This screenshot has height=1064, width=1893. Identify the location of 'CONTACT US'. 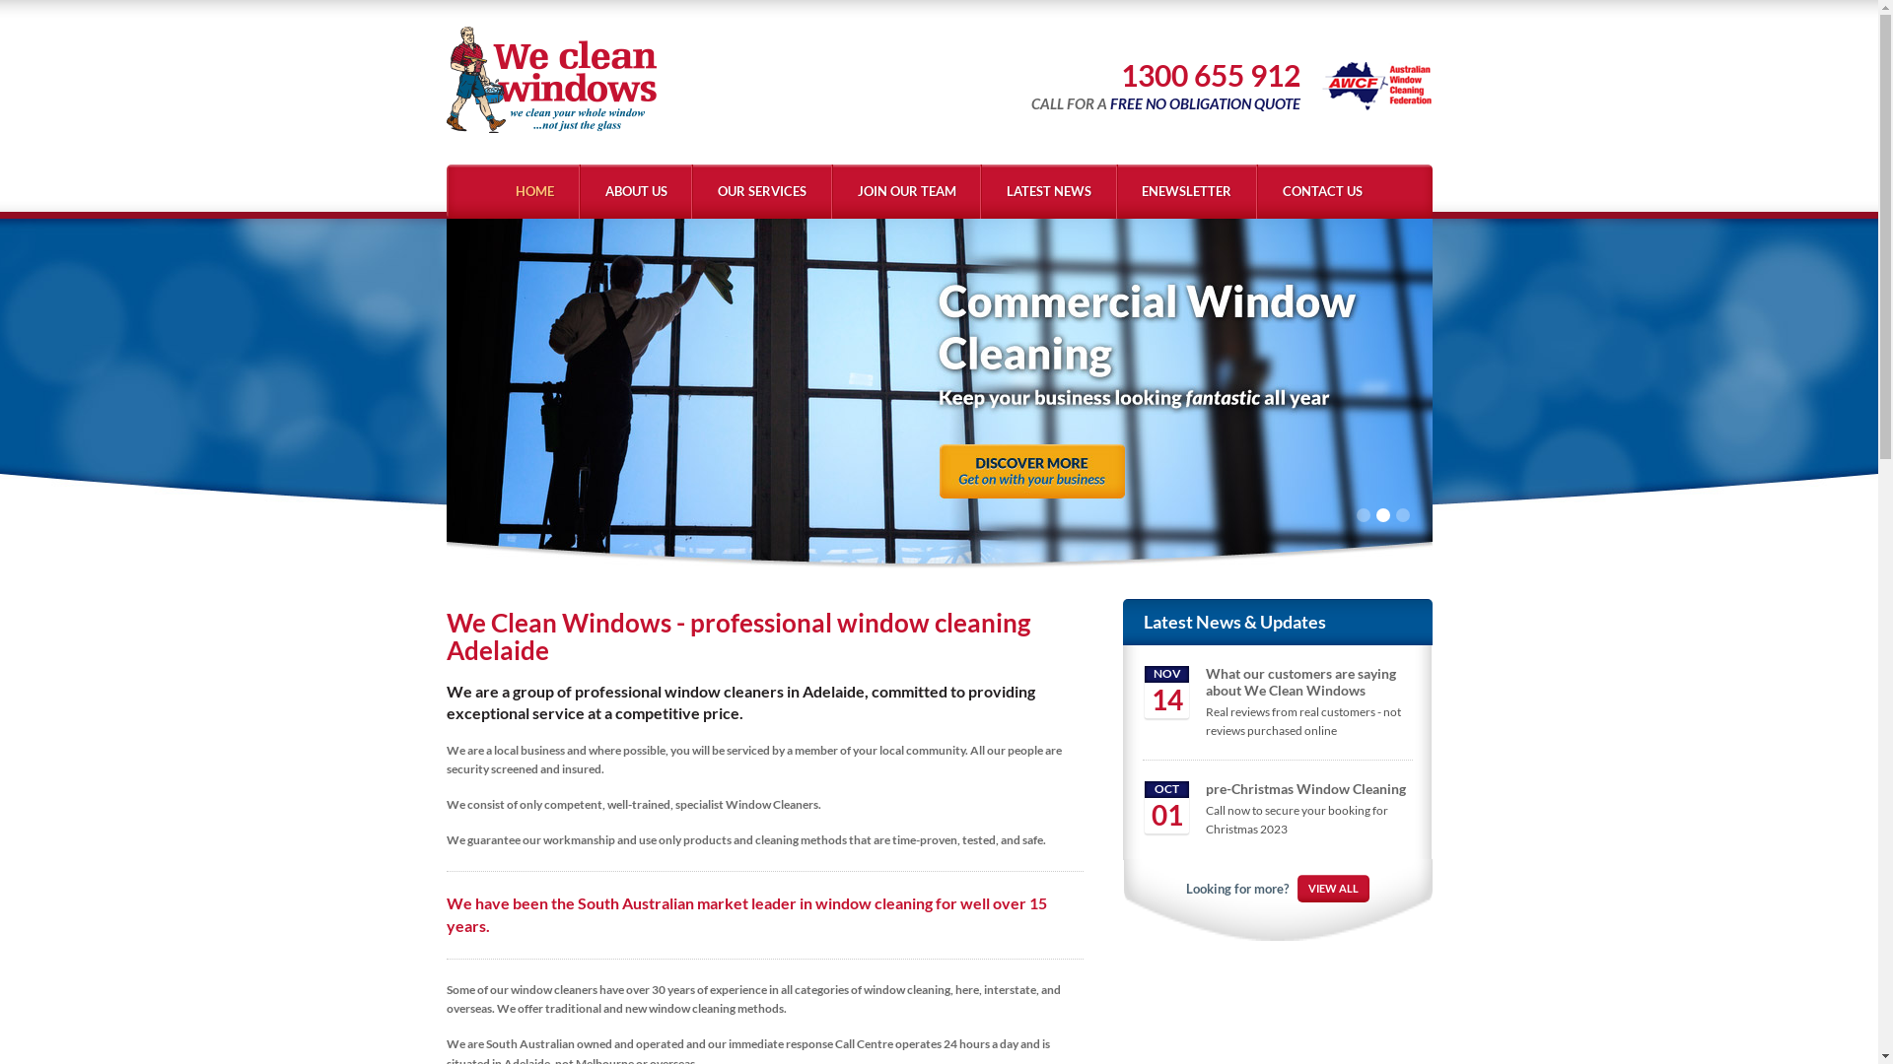
(1321, 191).